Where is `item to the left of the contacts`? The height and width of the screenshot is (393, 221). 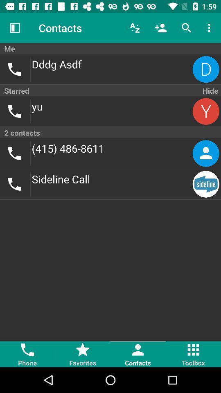 item to the left of the contacts is located at coordinates (15, 28).